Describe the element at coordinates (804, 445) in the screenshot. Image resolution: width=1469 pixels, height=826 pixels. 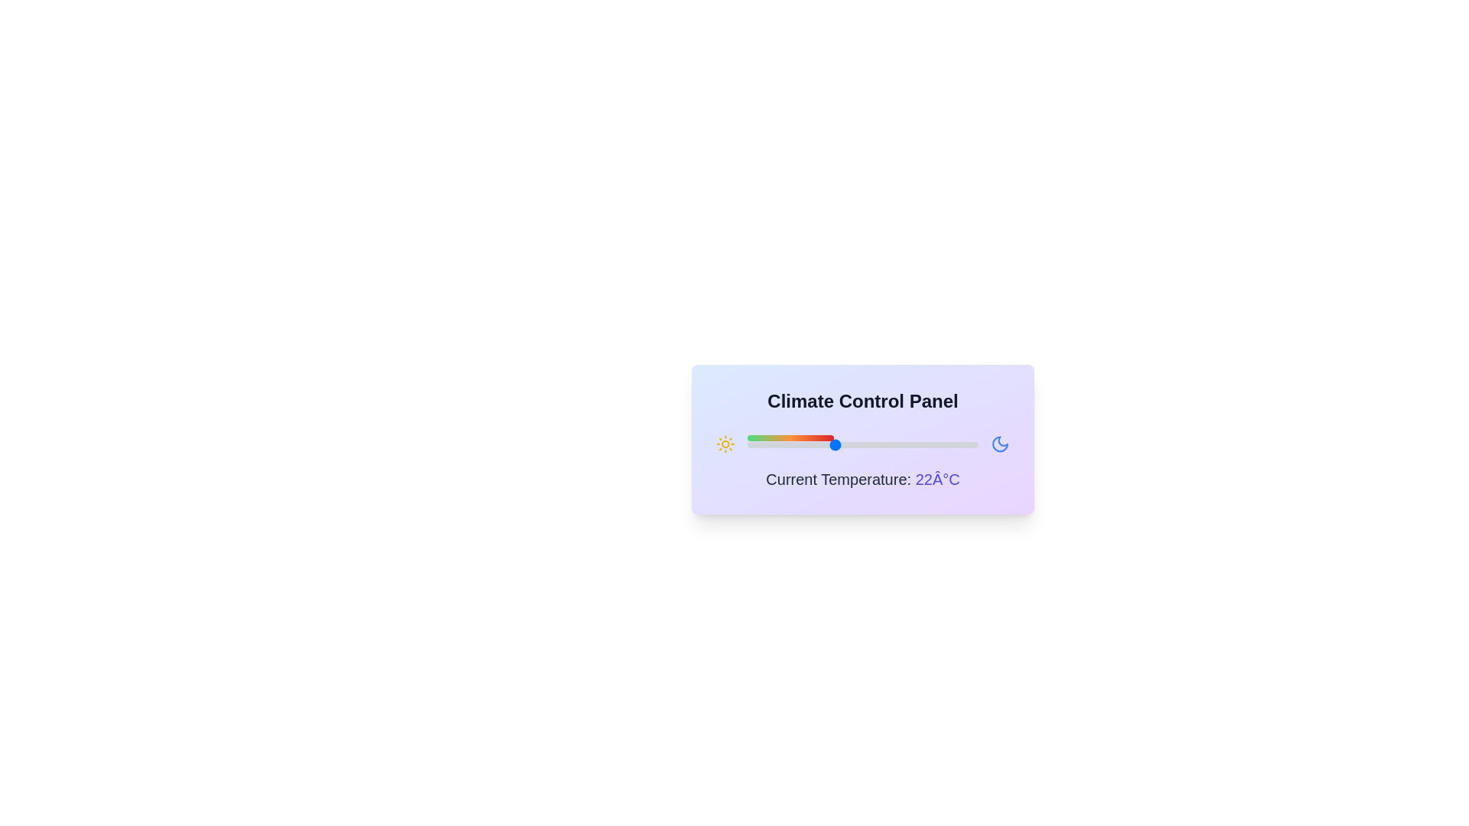
I see `the temperature` at that location.